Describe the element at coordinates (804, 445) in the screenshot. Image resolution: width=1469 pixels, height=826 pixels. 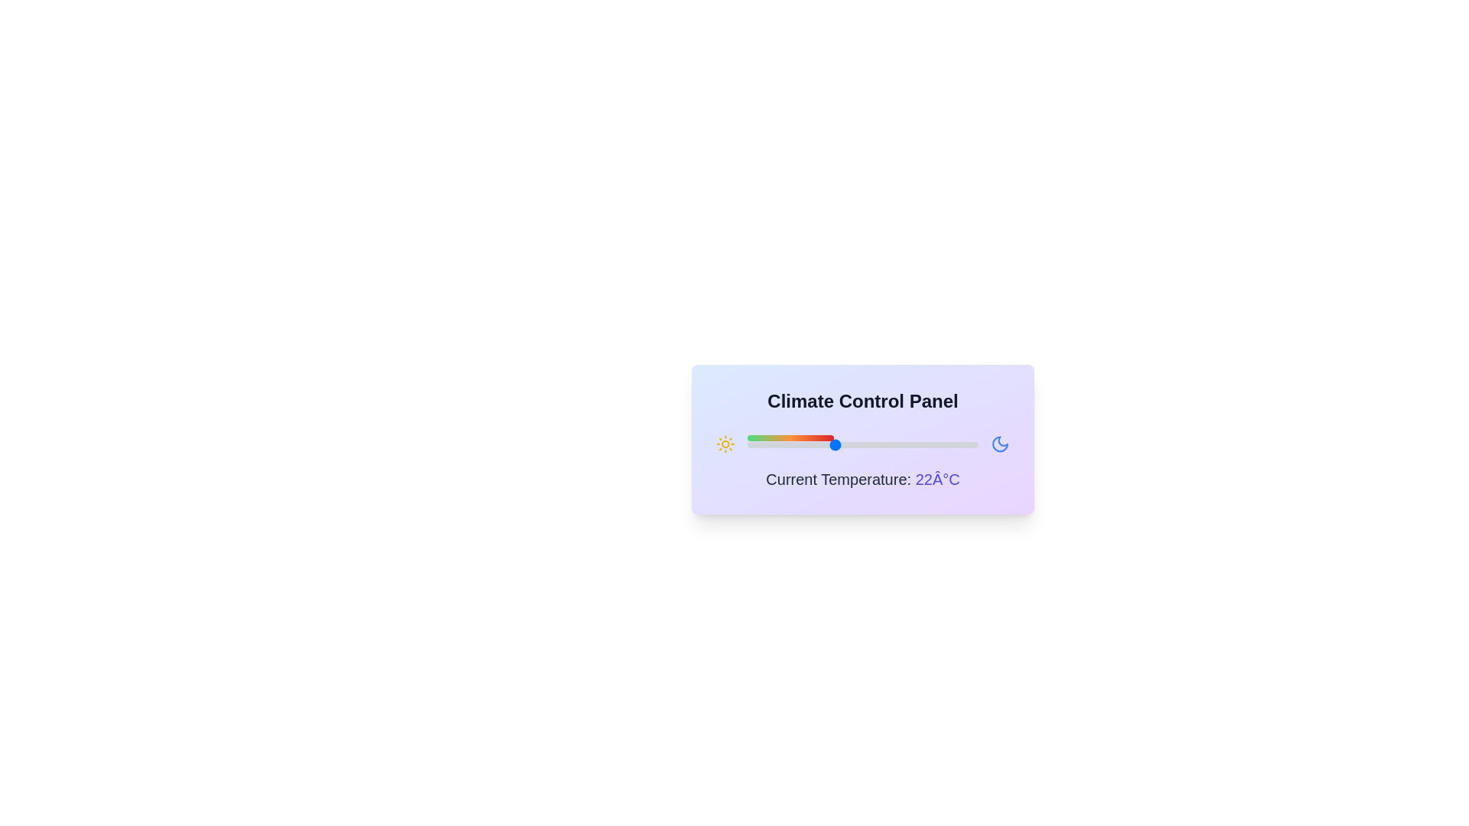
I see `the temperature` at that location.